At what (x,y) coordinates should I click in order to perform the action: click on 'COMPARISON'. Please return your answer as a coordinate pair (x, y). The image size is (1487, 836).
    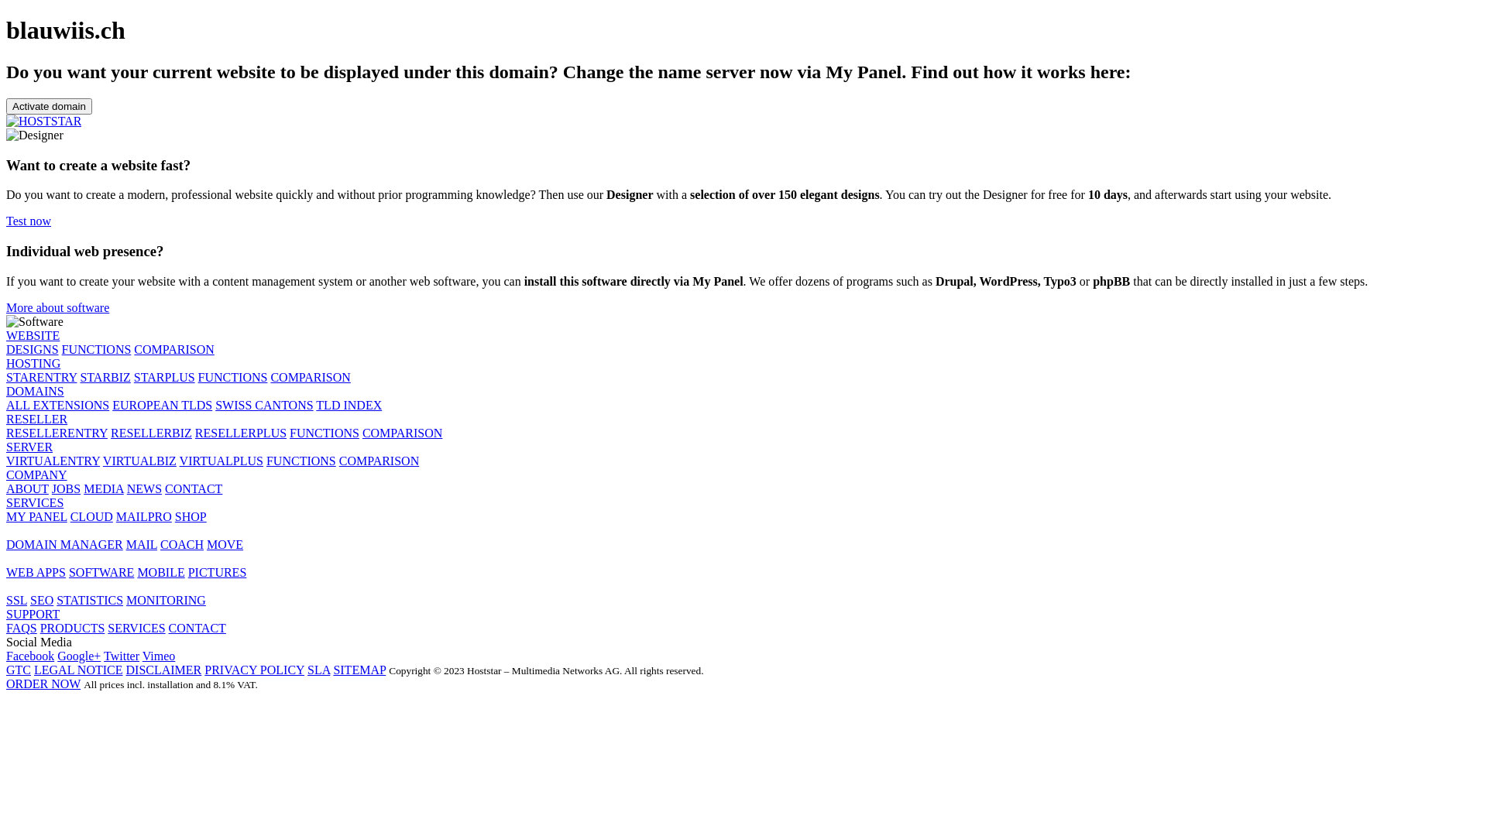
    Looking at the image, I should click on (173, 349).